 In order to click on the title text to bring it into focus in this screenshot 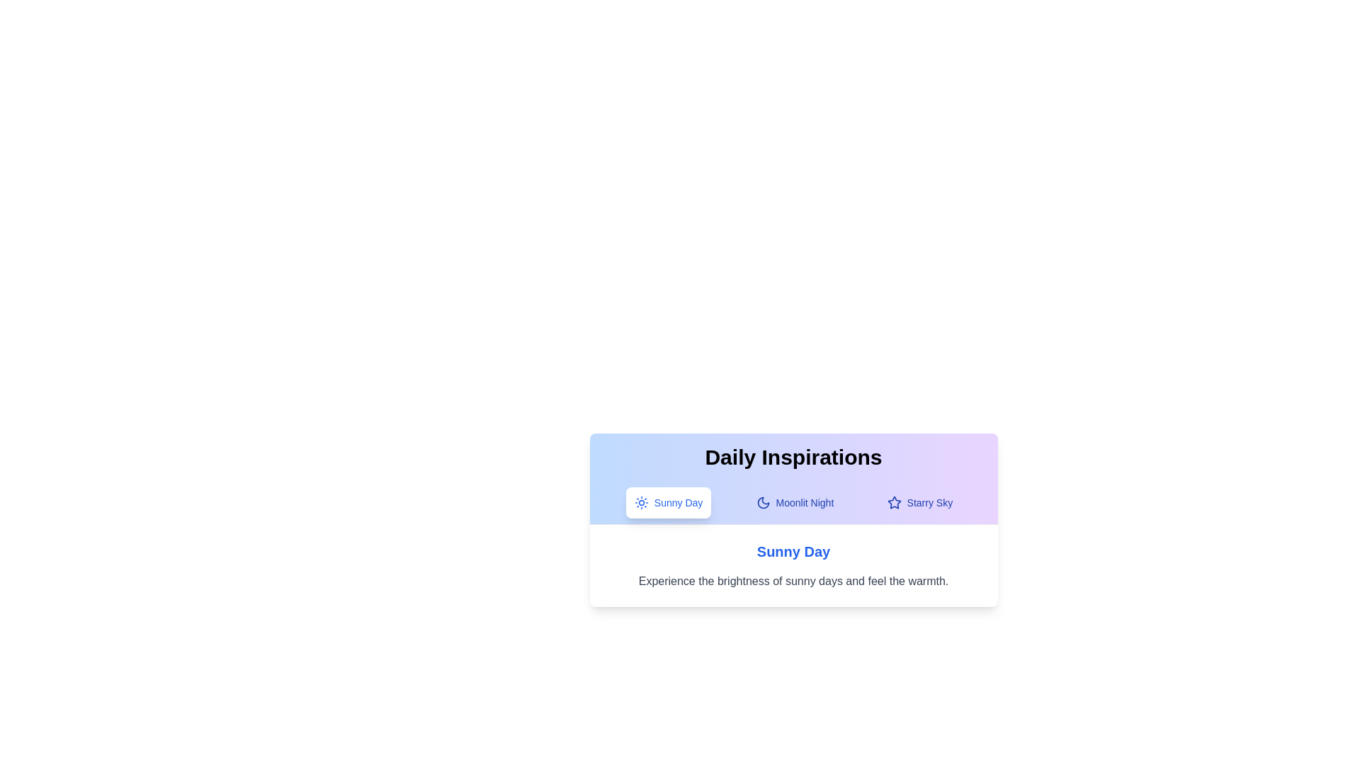, I will do `click(793, 457)`.